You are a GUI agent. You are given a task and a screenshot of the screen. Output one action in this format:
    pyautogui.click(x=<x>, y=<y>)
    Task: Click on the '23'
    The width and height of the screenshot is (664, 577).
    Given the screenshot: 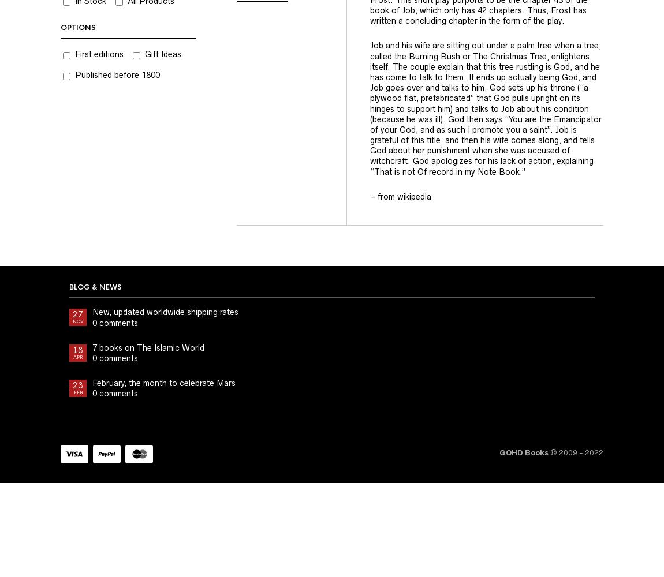 What is the action you would take?
    pyautogui.click(x=77, y=385)
    